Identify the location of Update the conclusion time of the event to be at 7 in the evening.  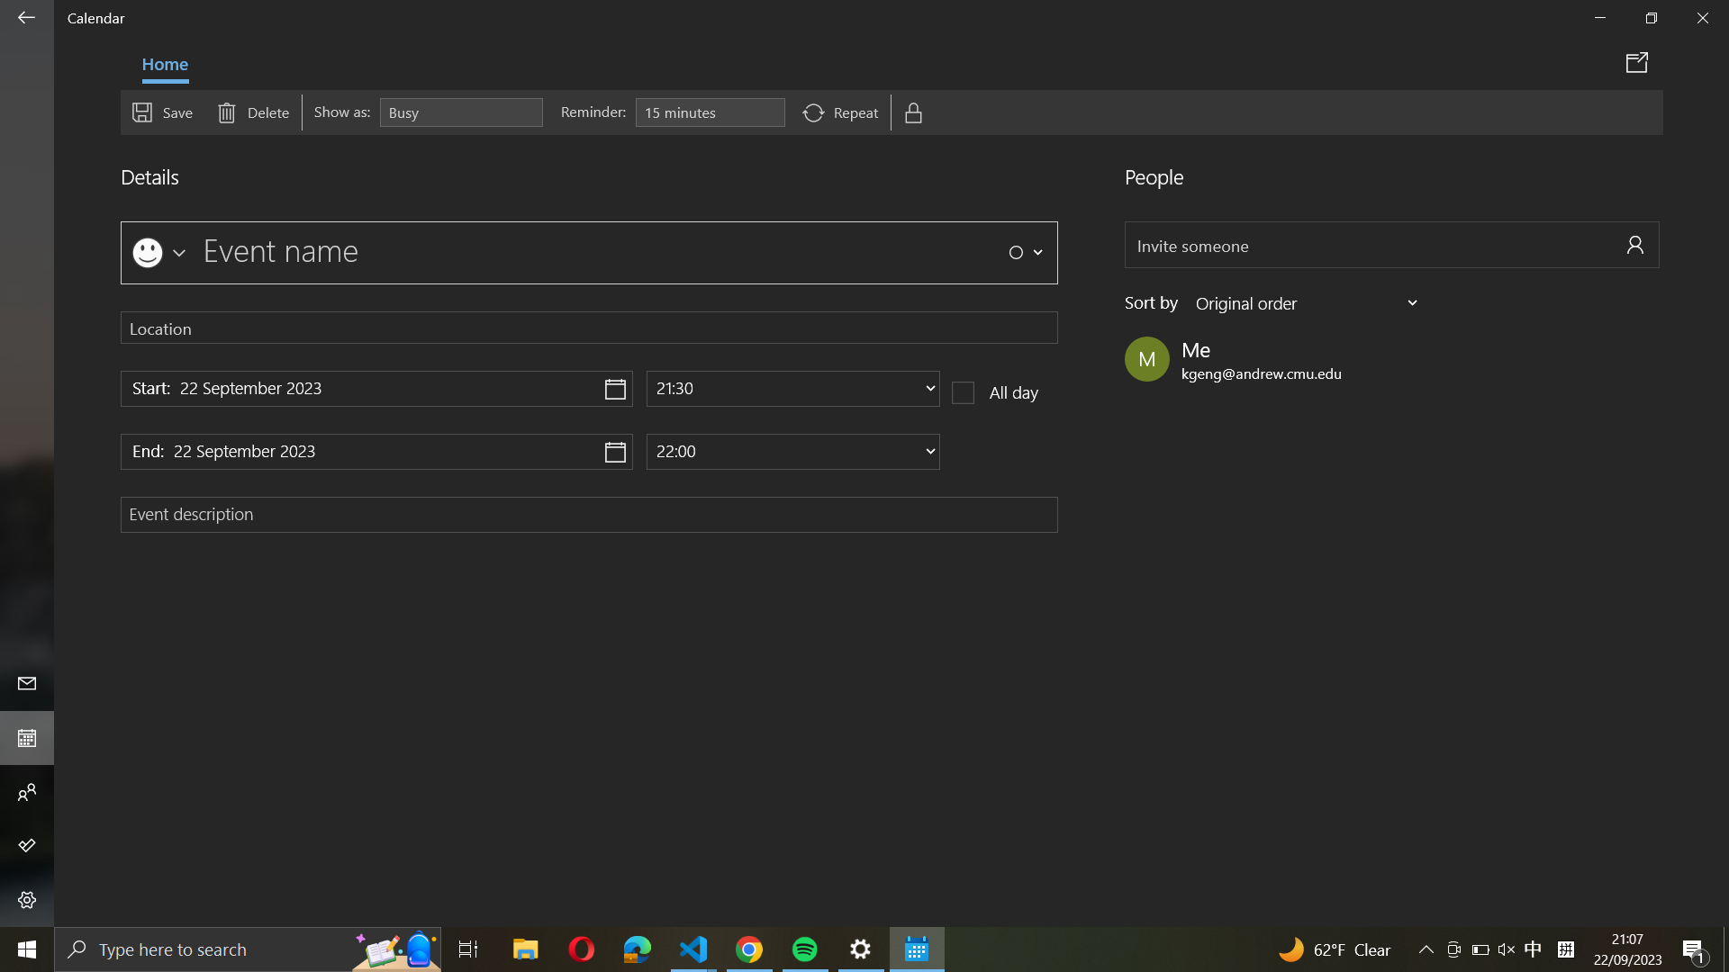
(792, 450).